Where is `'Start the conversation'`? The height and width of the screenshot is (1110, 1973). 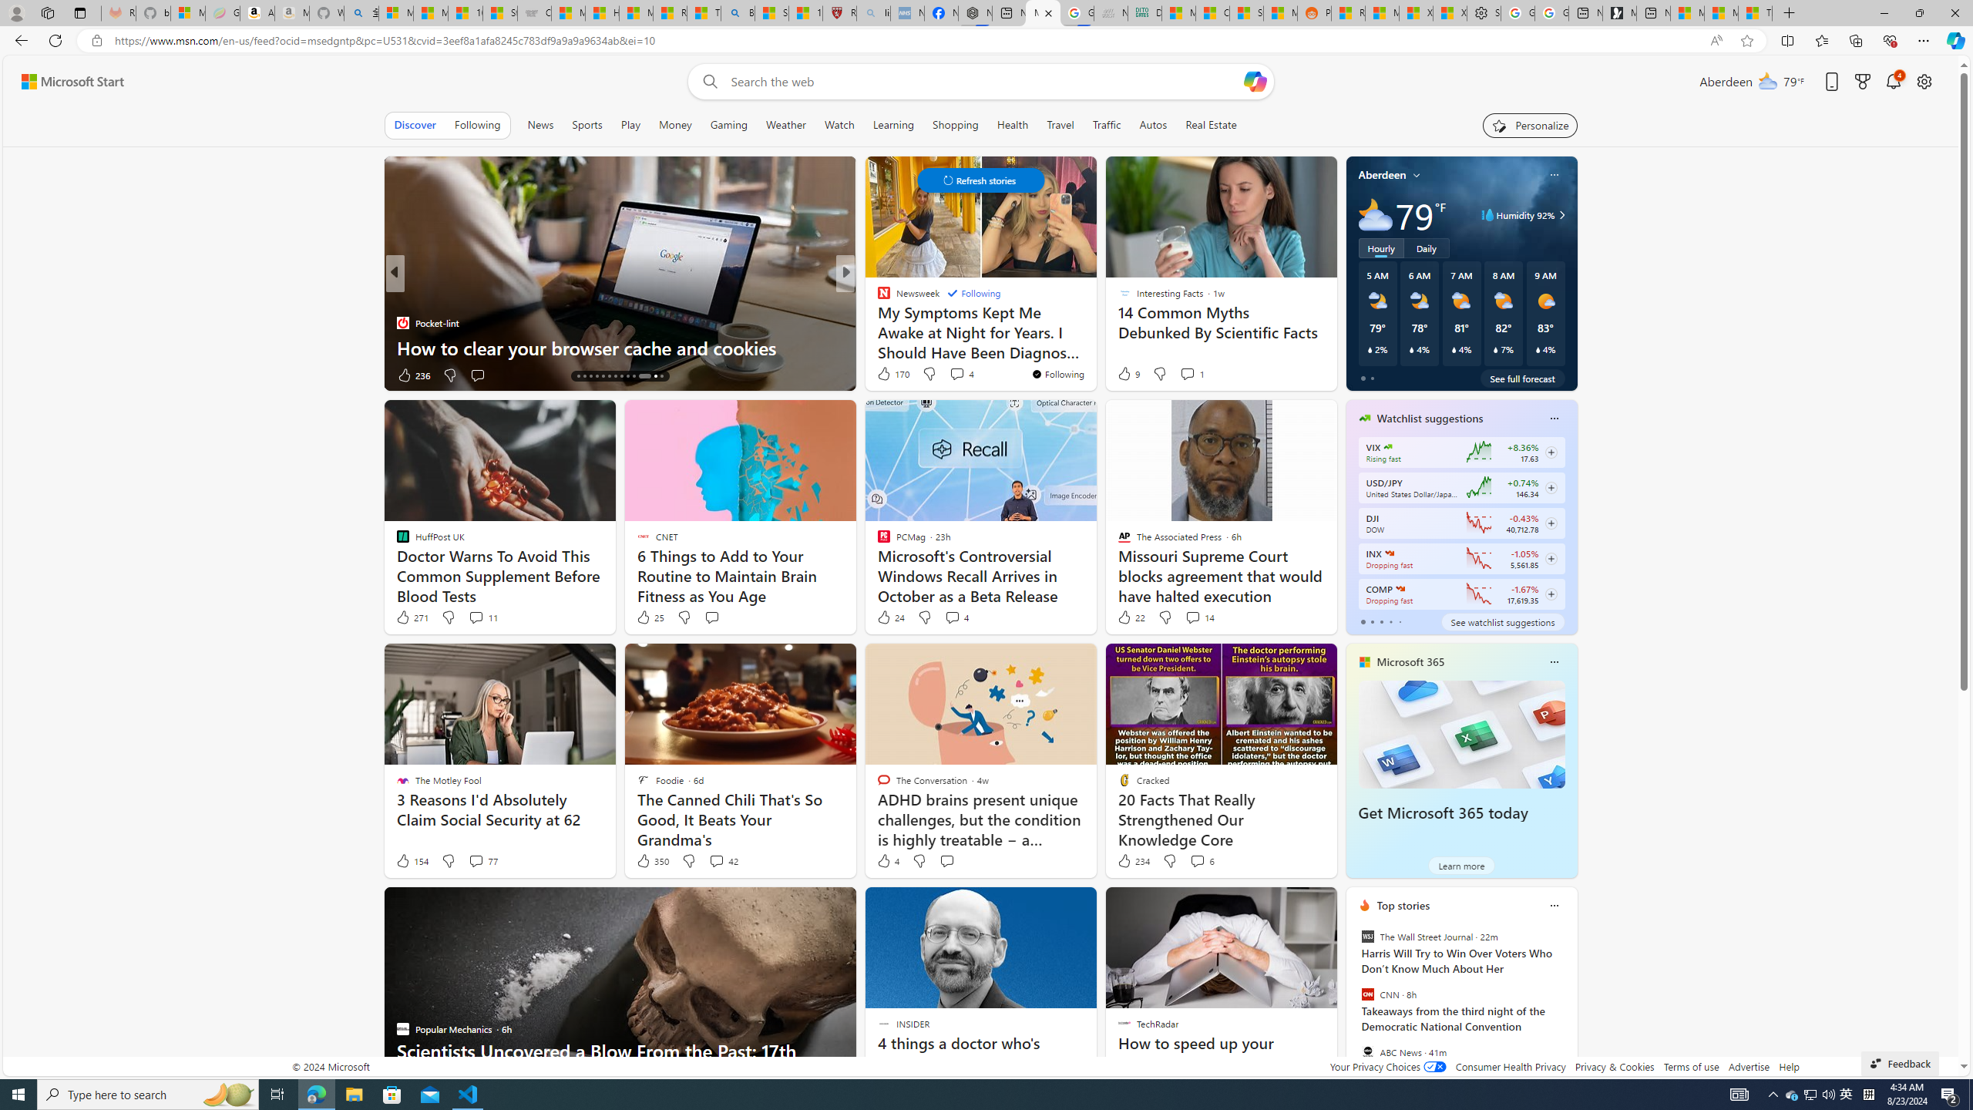 'Start the conversation' is located at coordinates (946, 859).